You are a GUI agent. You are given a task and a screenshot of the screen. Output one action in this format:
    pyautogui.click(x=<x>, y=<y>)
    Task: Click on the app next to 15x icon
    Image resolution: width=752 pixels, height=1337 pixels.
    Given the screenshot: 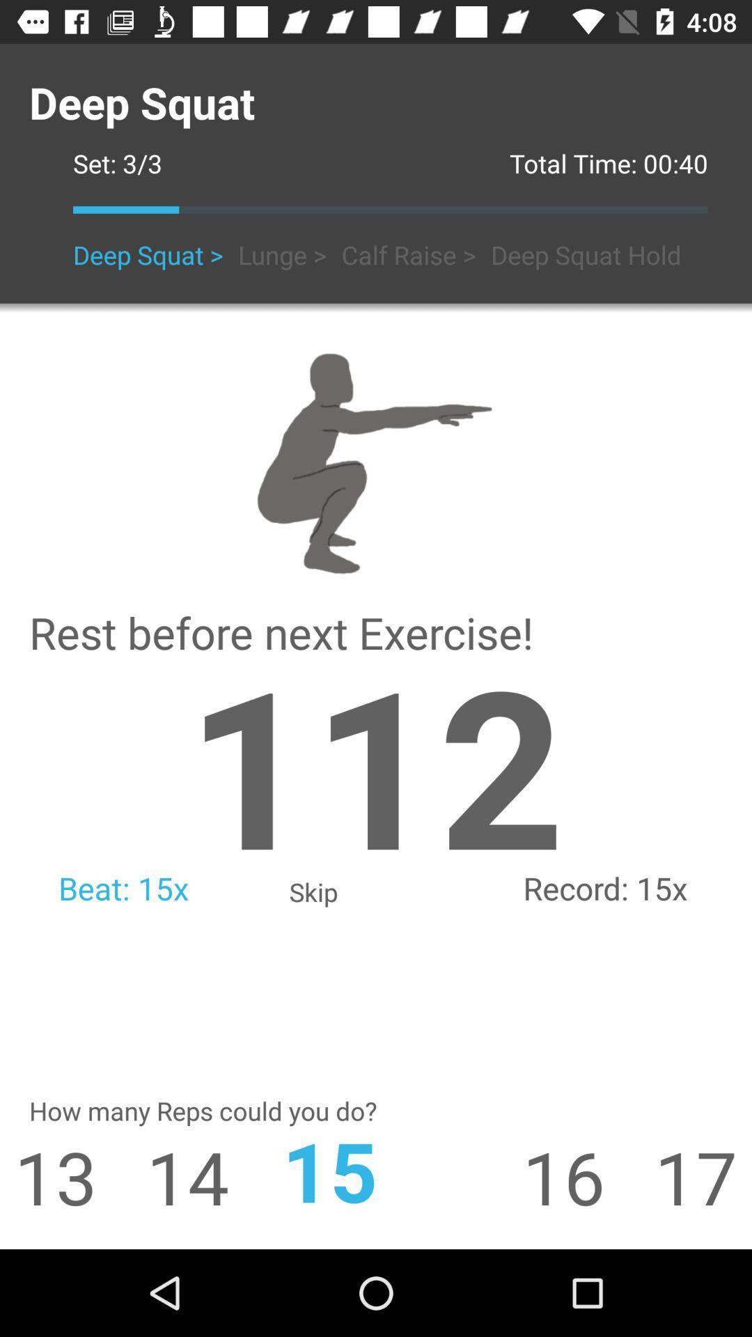 What is the action you would take?
    pyautogui.click(x=375, y=763)
    